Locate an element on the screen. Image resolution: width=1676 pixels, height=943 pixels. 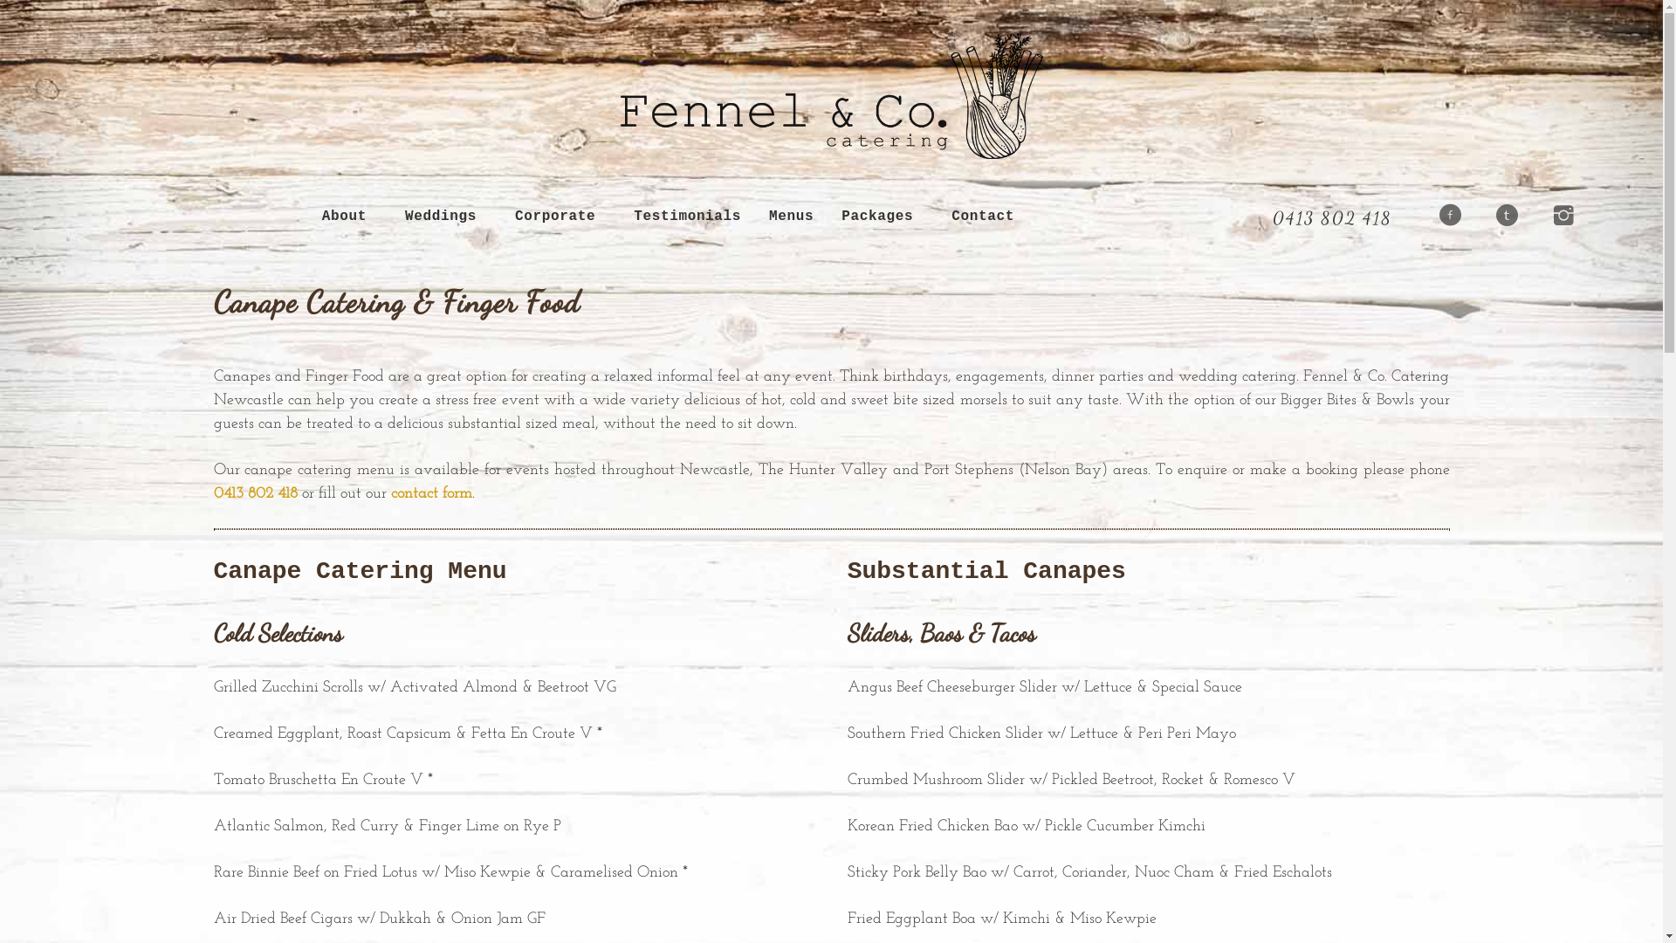
'About' is located at coordinates (344, 215).